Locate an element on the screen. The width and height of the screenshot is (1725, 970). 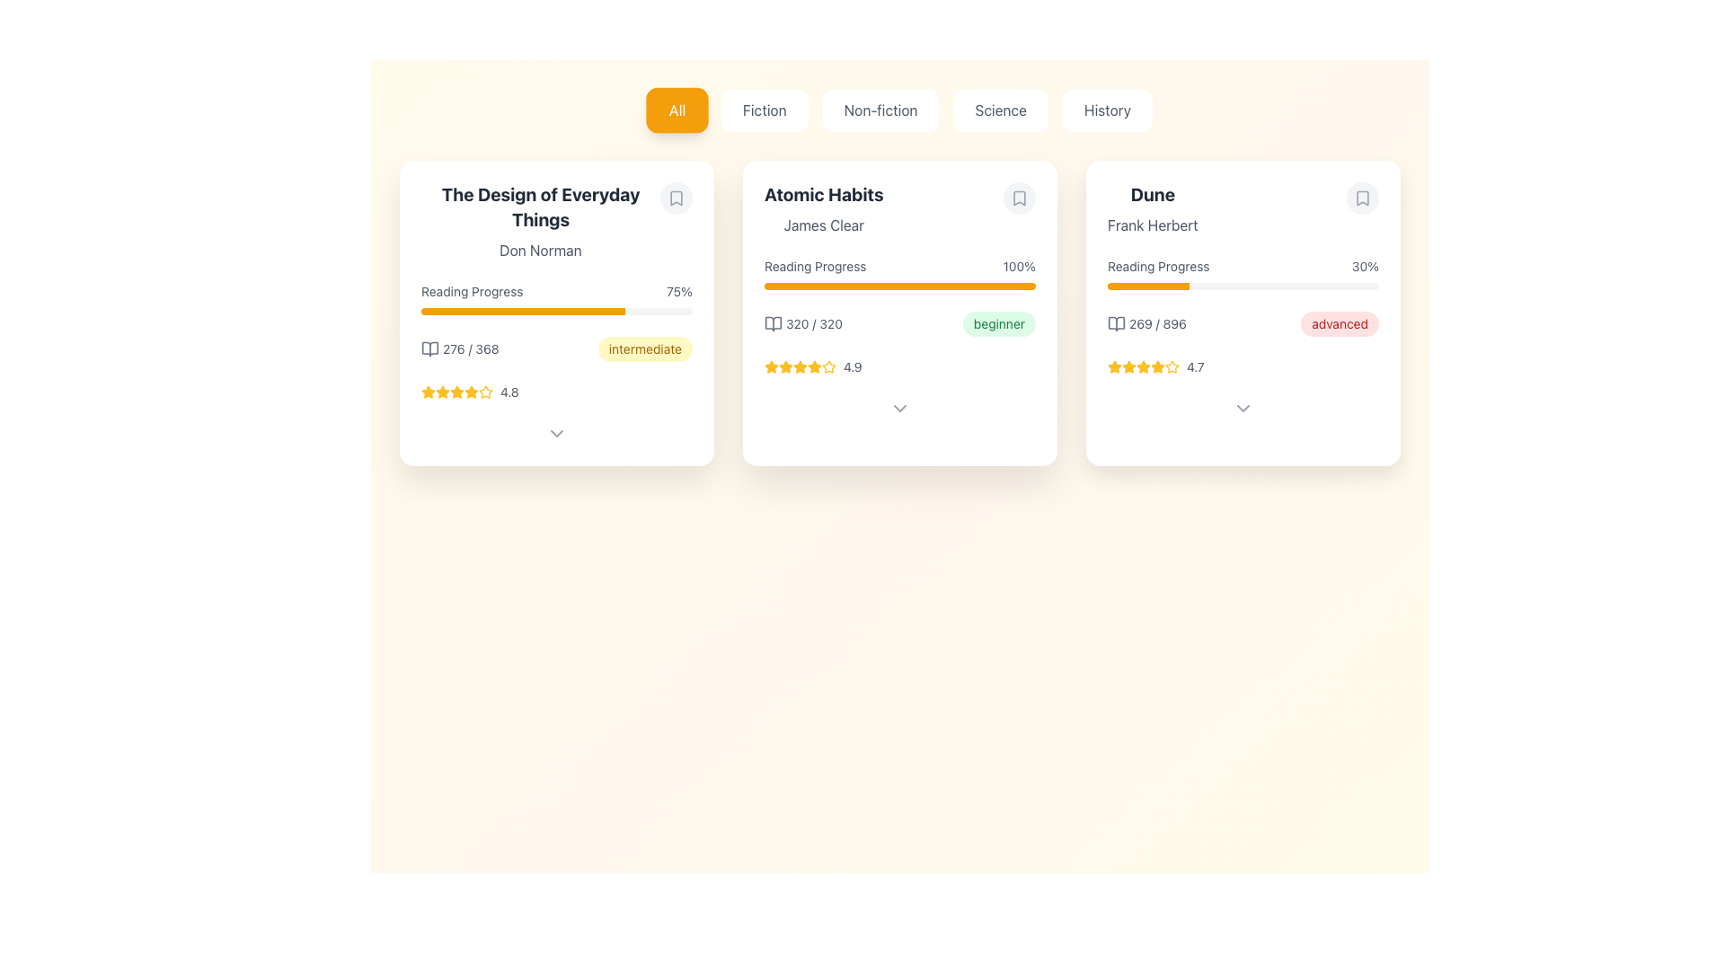
accompanying book icon next to the reading progress text '269 / 896' located in the 'Dune' card, below the reading progress bar is located at coordinates (1146, 324).